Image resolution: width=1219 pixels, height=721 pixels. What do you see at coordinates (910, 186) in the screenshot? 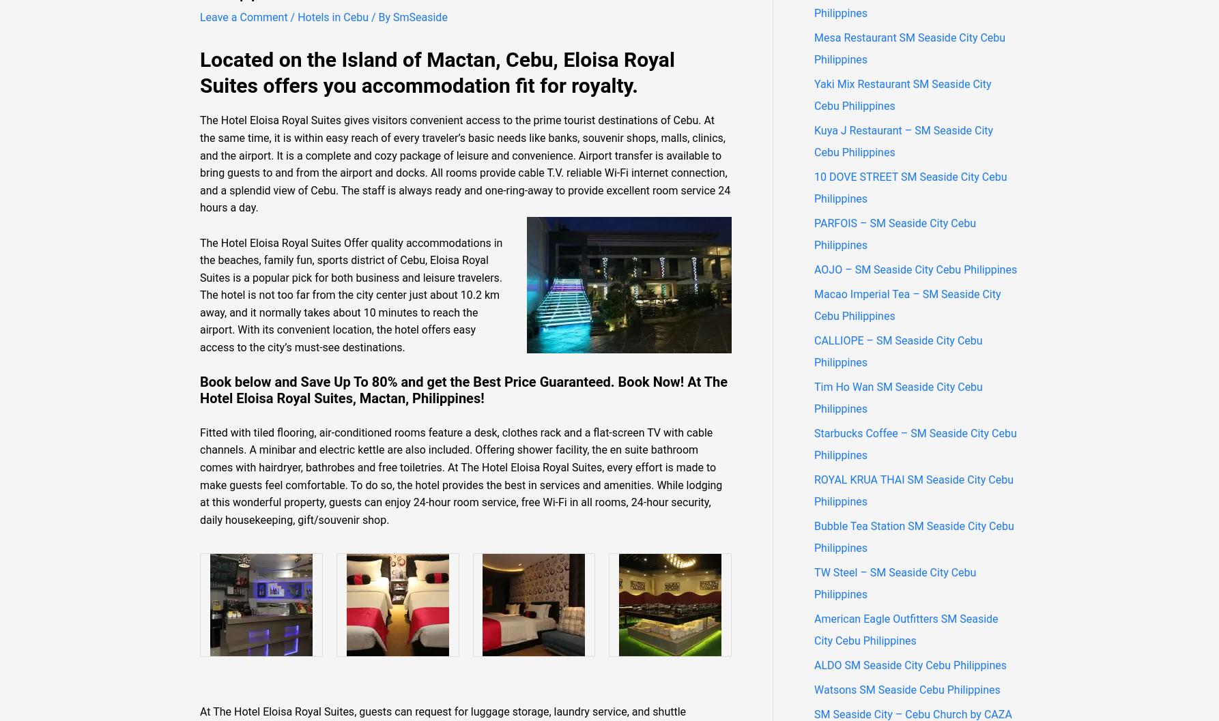
I see `'10 DOVE STREET SM Seaside City Cebu Philippines'` at bounding box center [910, 186].